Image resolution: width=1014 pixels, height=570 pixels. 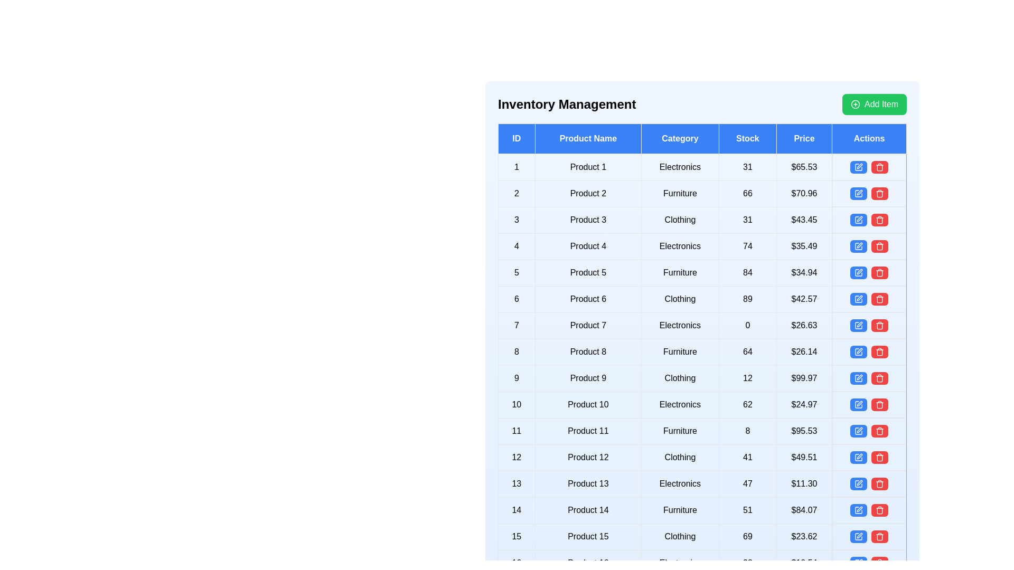 I want to click on the header of the column to sort or filter the table by Stock, so click(x=747, y=138).